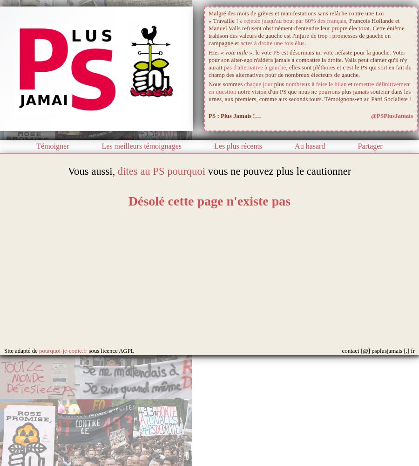  I want to click on 'sous licence AGPL', so click(87, 351).